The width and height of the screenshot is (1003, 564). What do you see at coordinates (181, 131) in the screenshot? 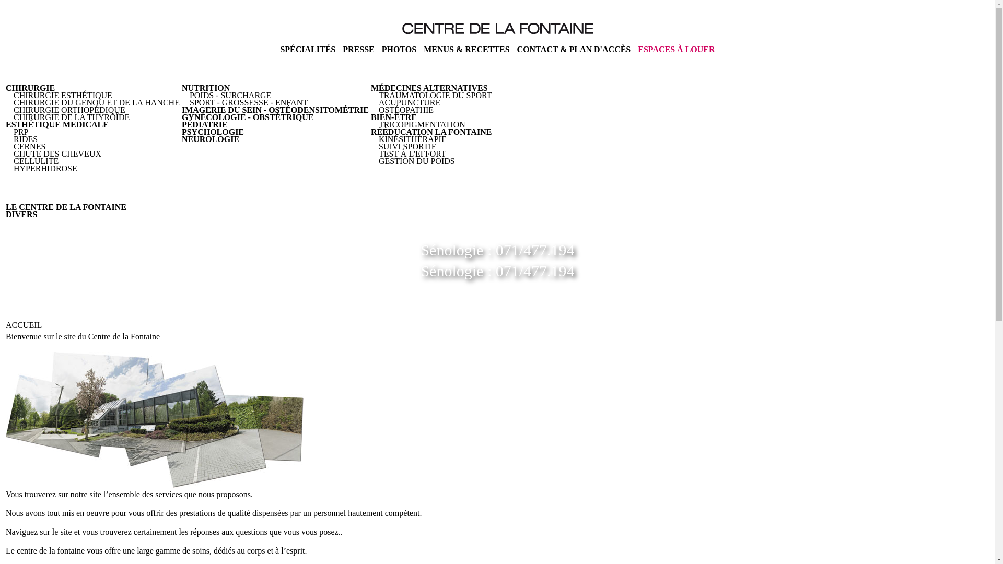
I see `'PSYCHOLOGIE'` at bounding box center [181, 131].